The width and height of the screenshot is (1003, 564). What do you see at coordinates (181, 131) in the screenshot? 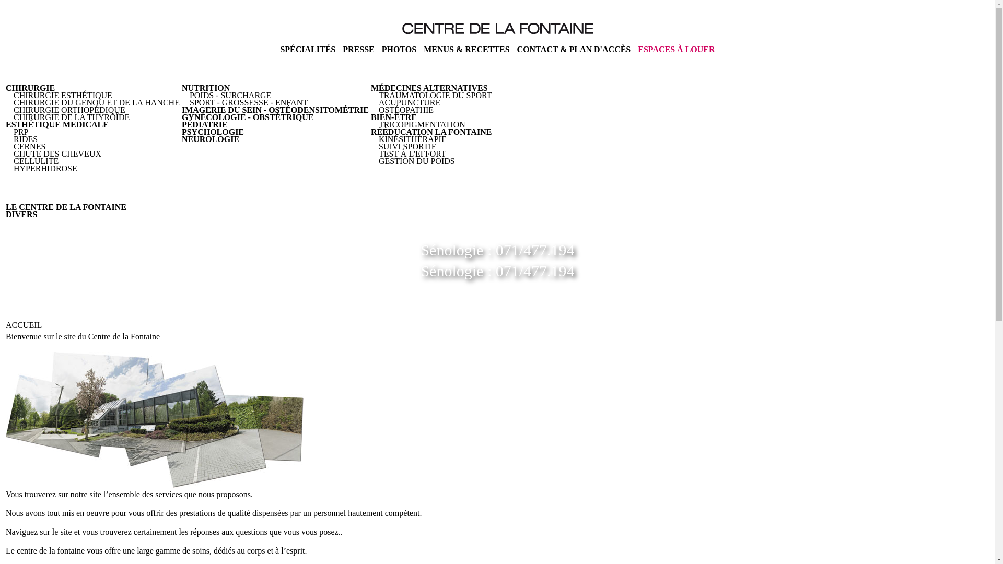
I see `'PSYCHOLOGIE'` at bounding box center [181, 131].